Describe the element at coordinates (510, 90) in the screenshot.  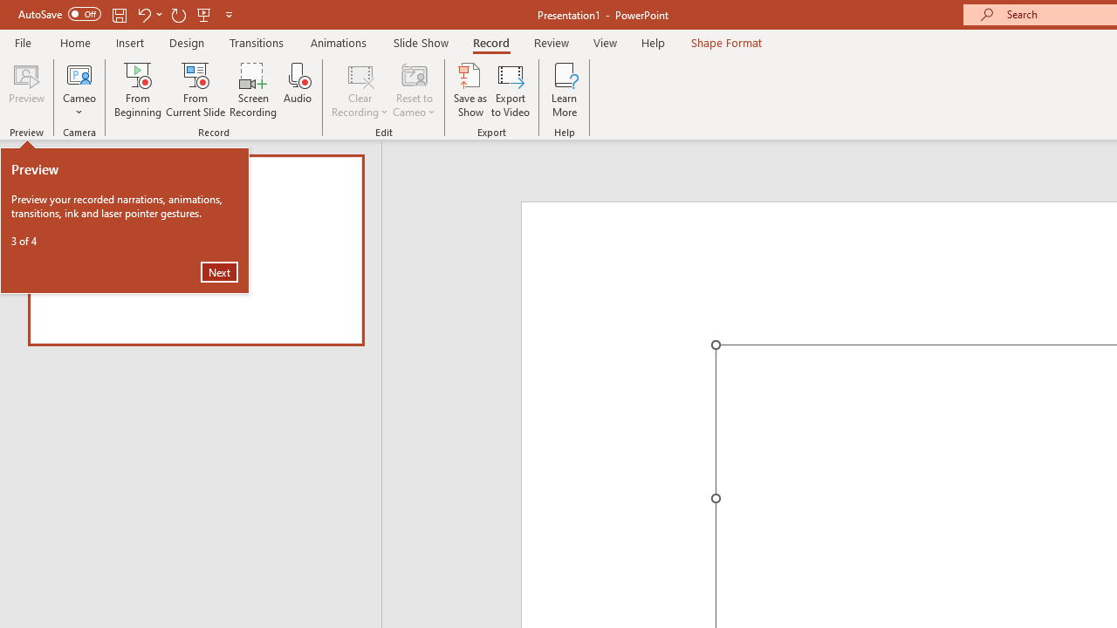
I see `'Export to Video'` at that location.